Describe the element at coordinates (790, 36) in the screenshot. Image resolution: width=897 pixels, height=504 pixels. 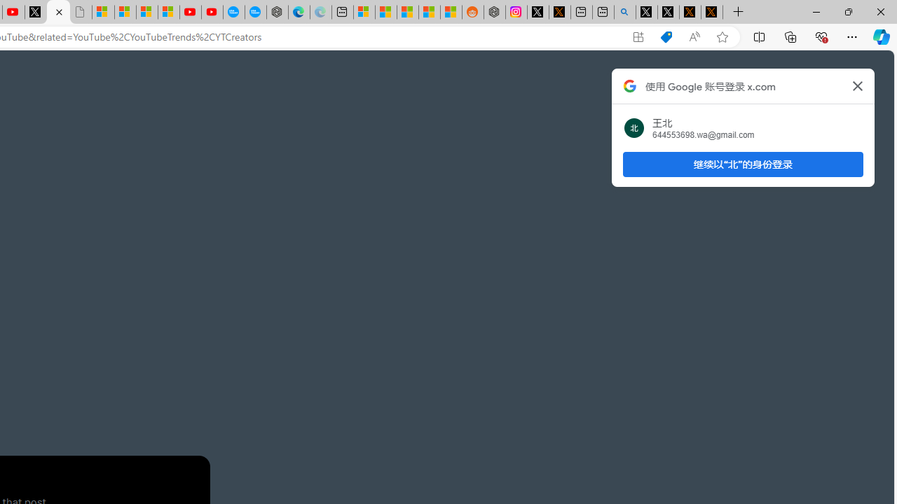
I see `'Collections'` at that location.